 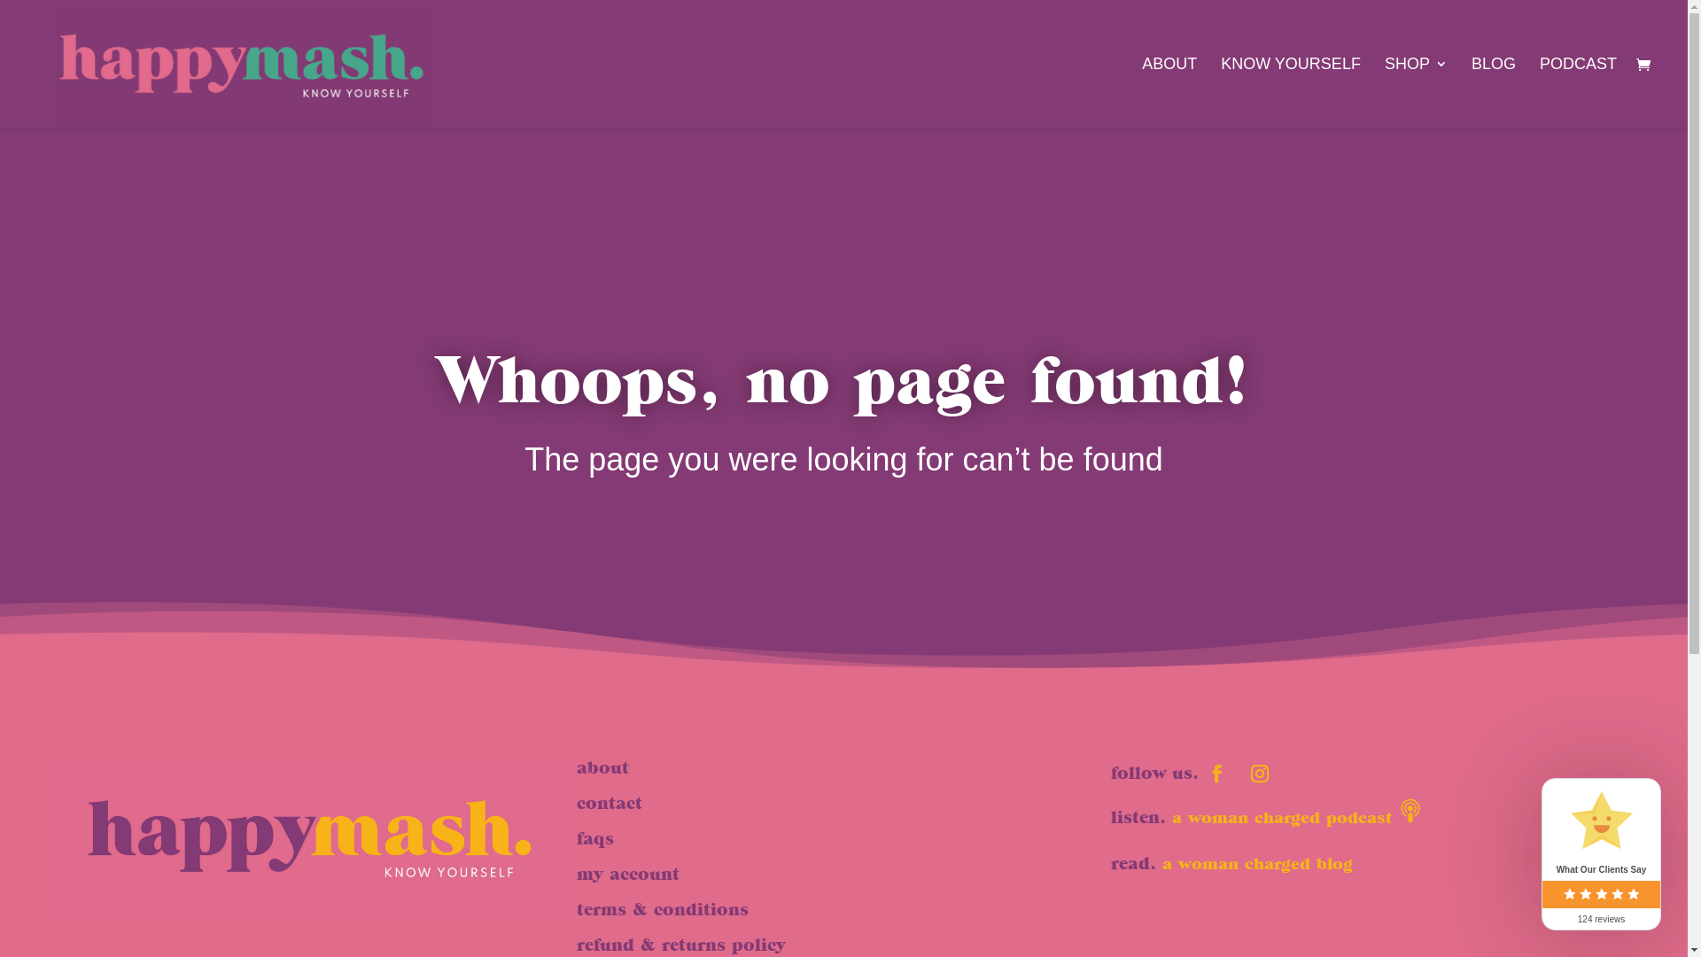 What do you see at coordinates (1142, 92) in the screenshot?
I see `'ABOUT'` at bounding box center [1142, 92].